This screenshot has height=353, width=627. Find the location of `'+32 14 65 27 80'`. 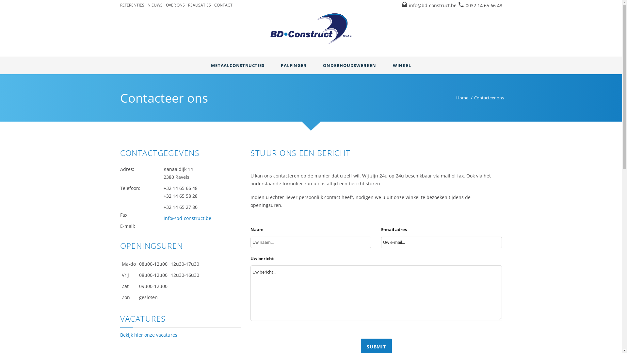

'+32 14 65 27 80' is located at coordinates (180, 207).